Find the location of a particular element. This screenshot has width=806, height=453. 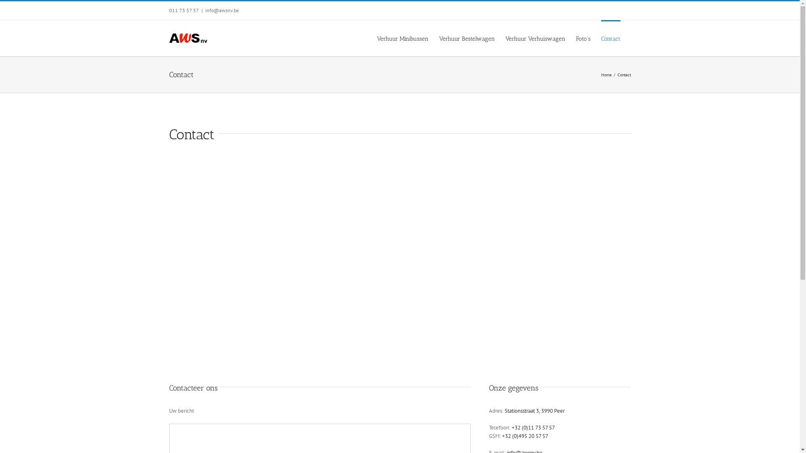

'Contact' is located at coordinates (610, 38).